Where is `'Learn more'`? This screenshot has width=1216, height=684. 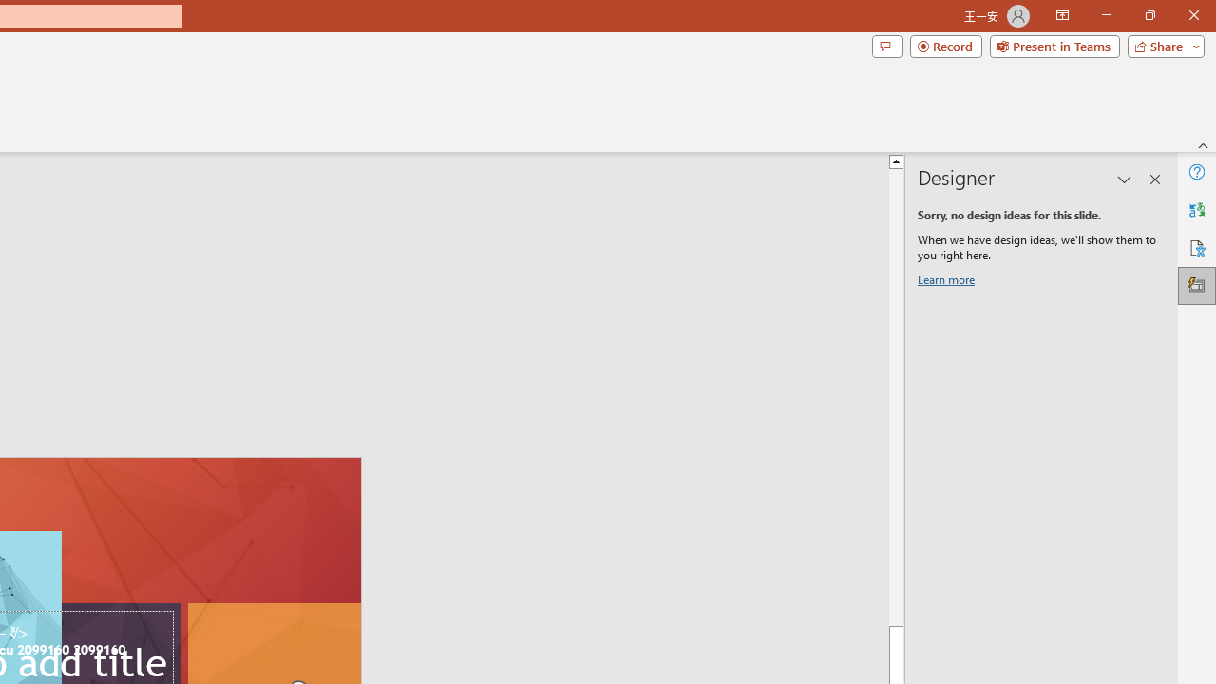 'Learn more' is located at coordinates (949, 283).